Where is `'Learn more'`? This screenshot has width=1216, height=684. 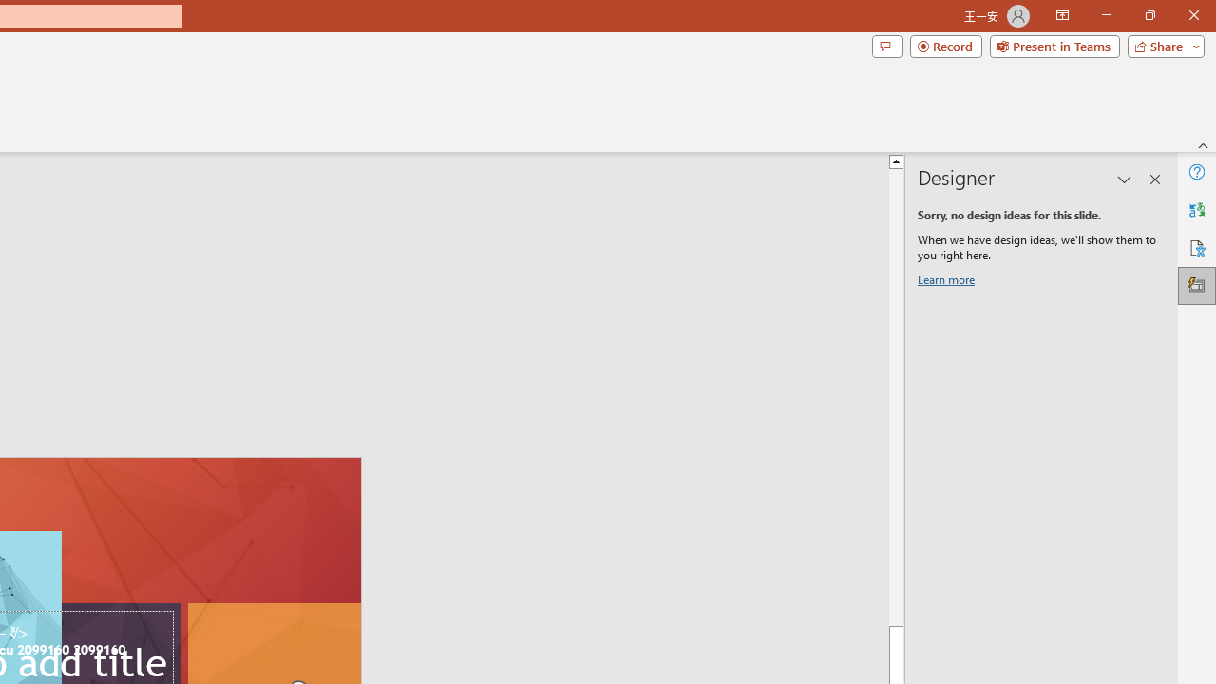 'Learn more' is located at coordinates (949, 283).